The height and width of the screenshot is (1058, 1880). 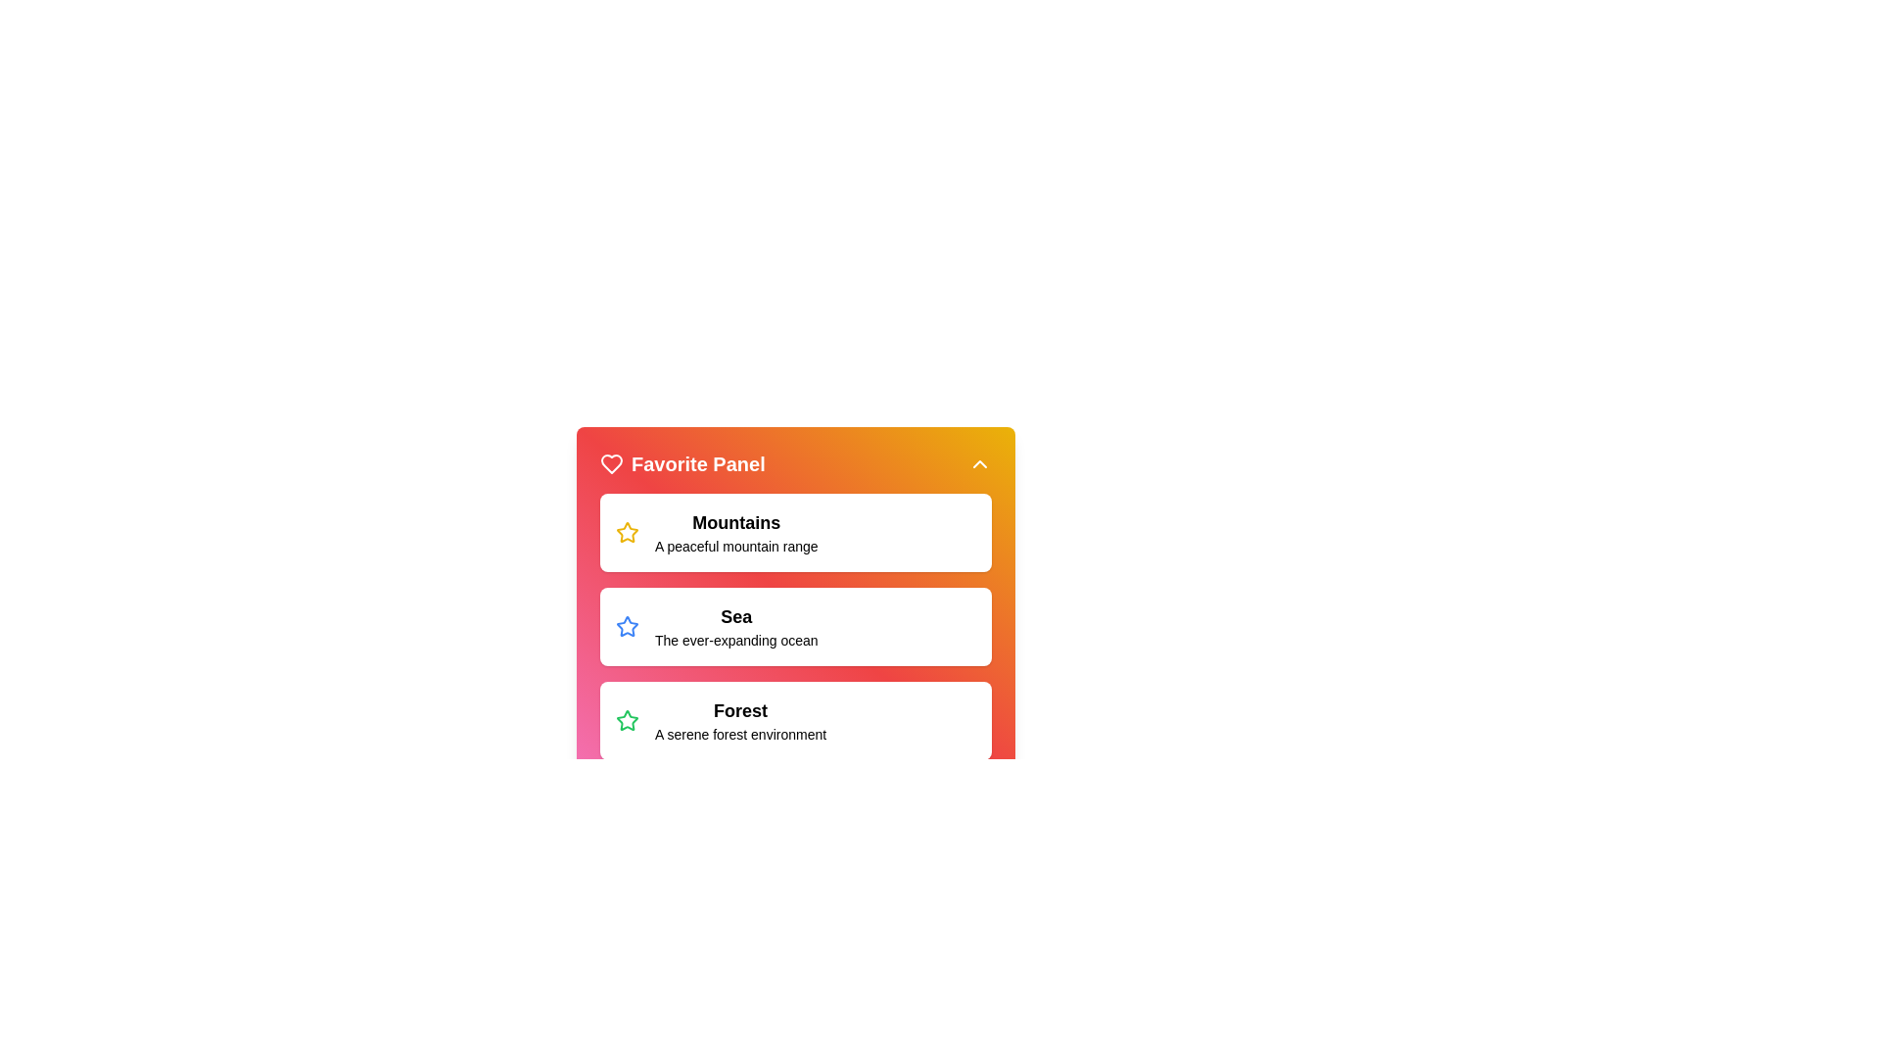 What do you see at coordinates (610, 464) in the screenshot?
I see `the heart icon located in the header of the 'Favorite Panel'` at bounding box center [610, 464].